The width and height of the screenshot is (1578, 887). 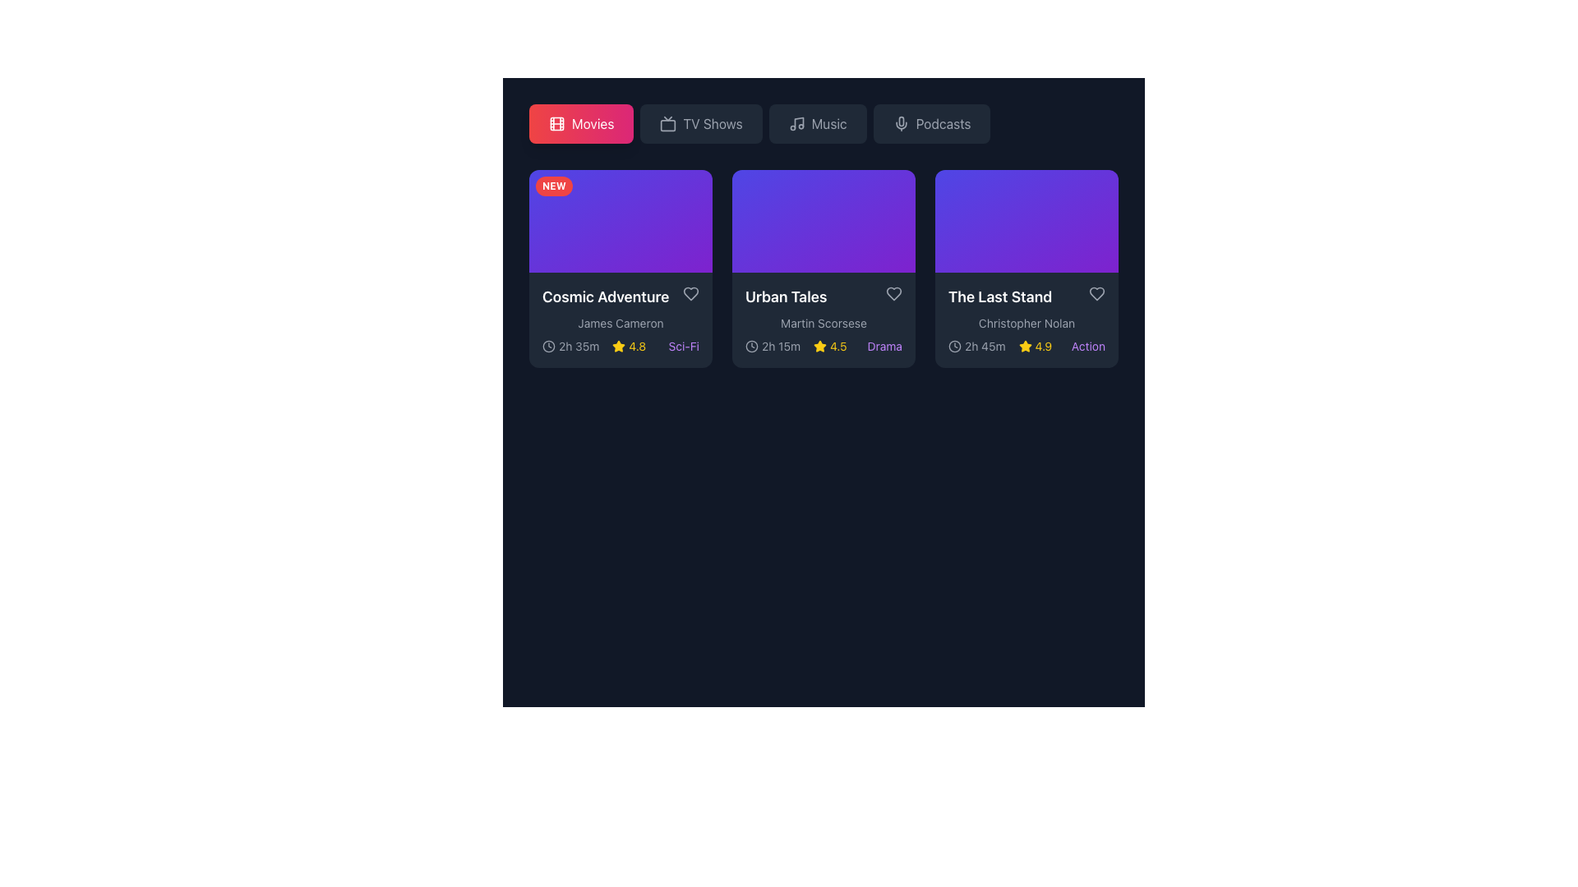 I want to click on the textual and iconographic composite component displaying the duration and rating of the movie 'Cosmic Adventure', located below 'James Cameron' and to the left of the 'Sci-Fi' label, so click(x=593, y=346).